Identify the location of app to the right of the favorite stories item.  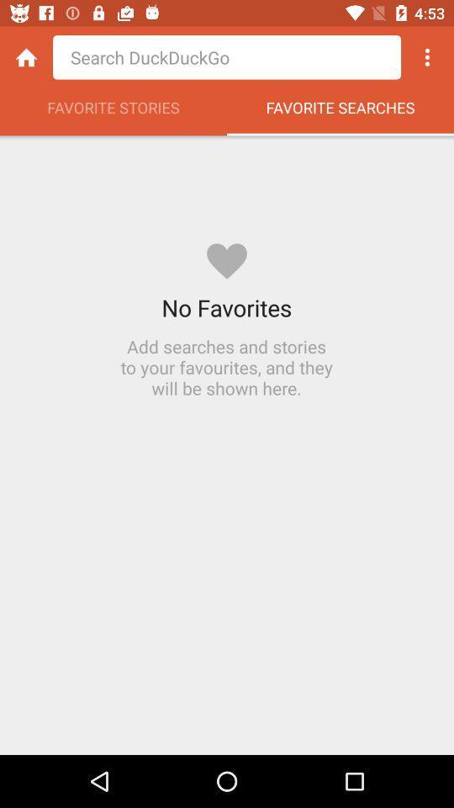
(340, 111).